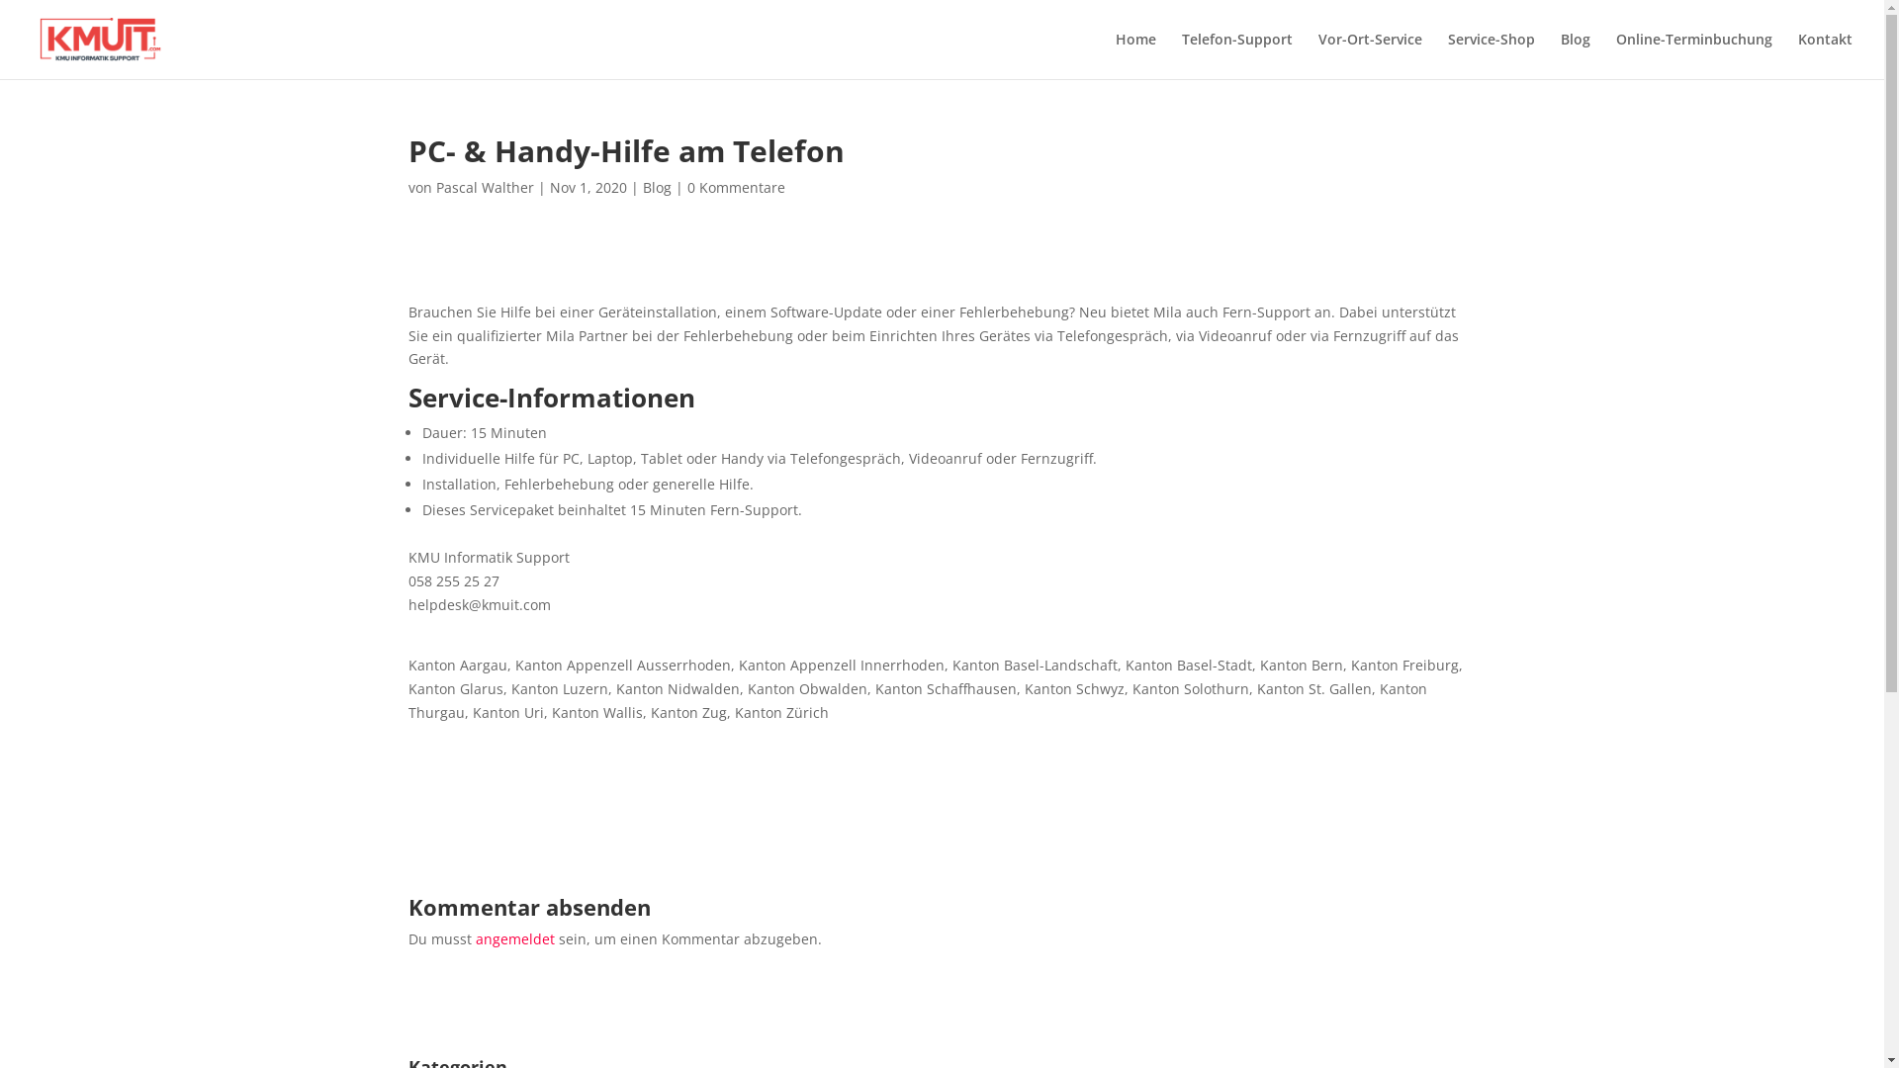  I want to click on 'Blog', so click(657, 187).